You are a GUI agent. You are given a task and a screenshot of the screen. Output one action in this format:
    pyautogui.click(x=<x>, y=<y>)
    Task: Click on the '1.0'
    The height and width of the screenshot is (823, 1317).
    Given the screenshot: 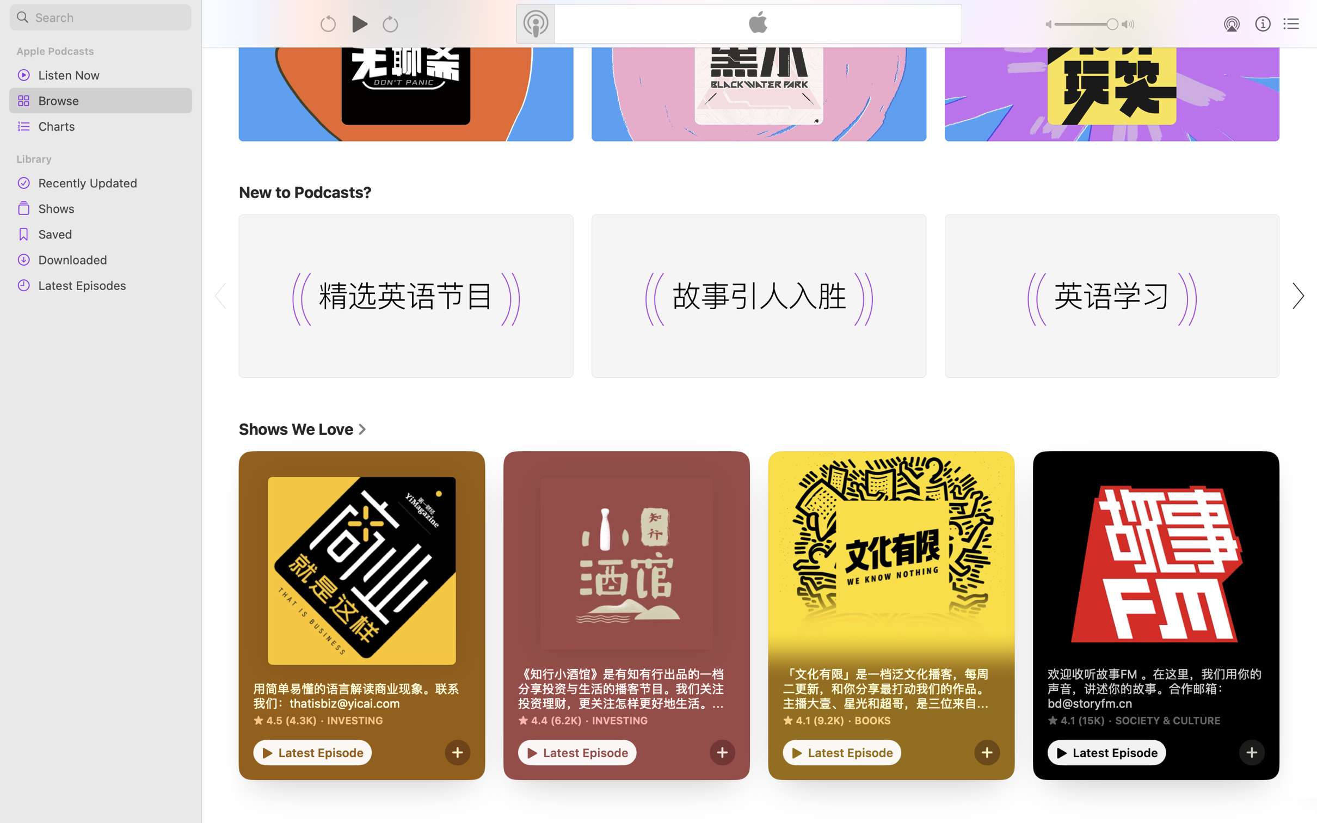 What is the action you would take?
    pyautogui.click(x=1086, y=24)
    